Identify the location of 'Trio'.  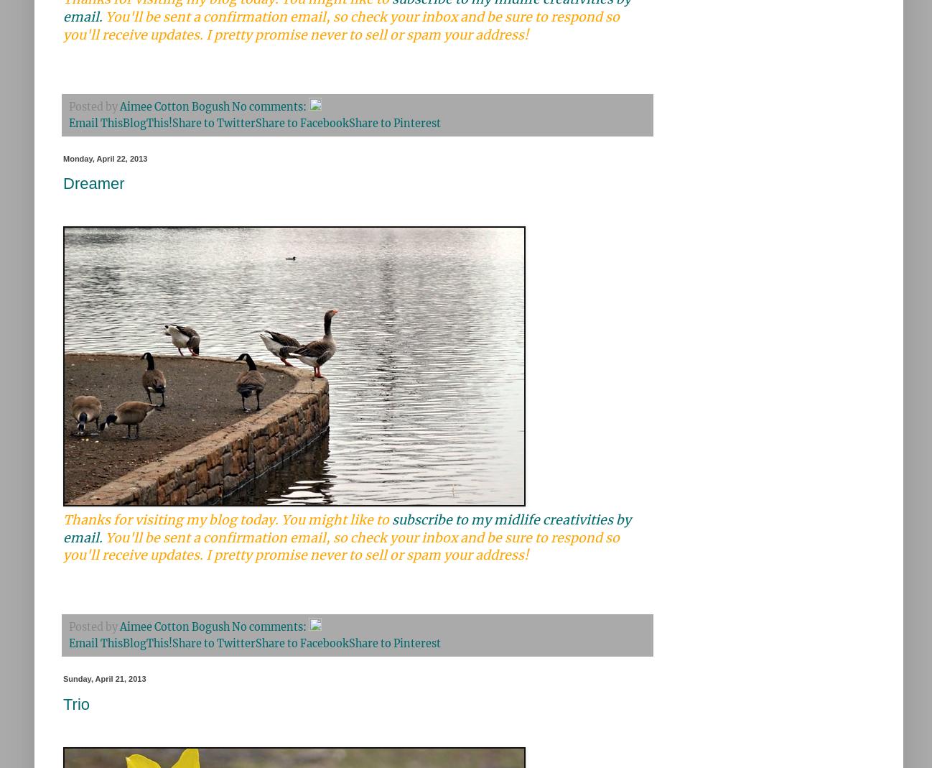
(76, 703).